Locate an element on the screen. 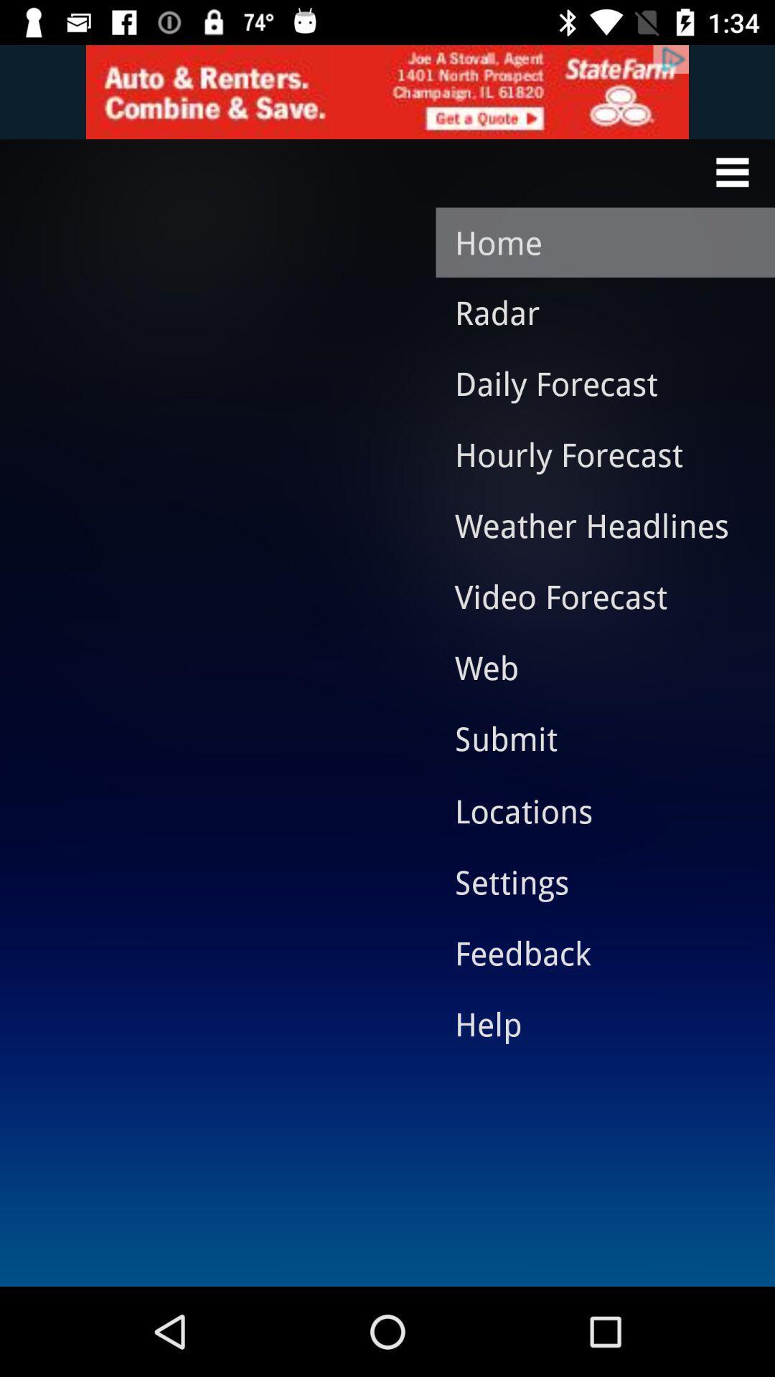 This screenshot has width=775, height=1377. advertisement for state farm is located at coordinates (387, 91).